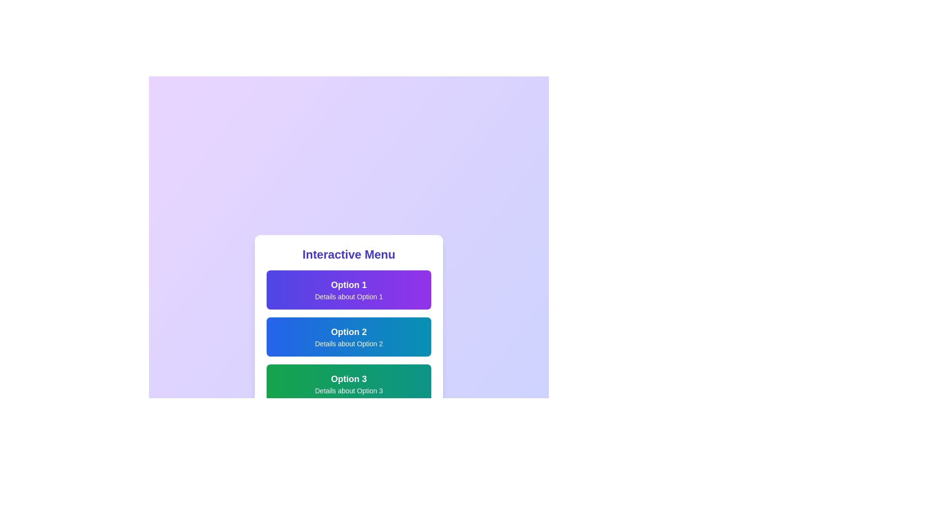  I want to click on the menu option Option 2, so click(348, 336).